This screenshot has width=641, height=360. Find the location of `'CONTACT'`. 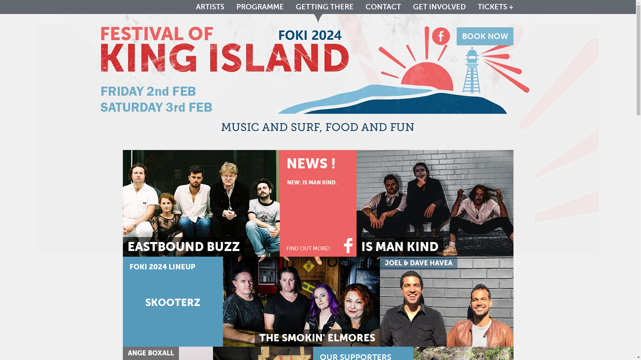

'CONTACT' is located at coordinates (383, 7).